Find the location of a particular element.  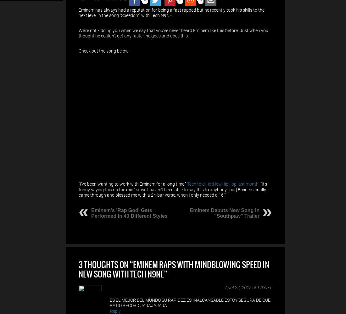

'ES EL MEJOR DEL MUNDO SU RAPIDEZ  ES INALCANSABLE ESTOY SEGURA DE QUE BATIO RECORD JAJAJAJAJA.' is located at coordinates (110, 302).